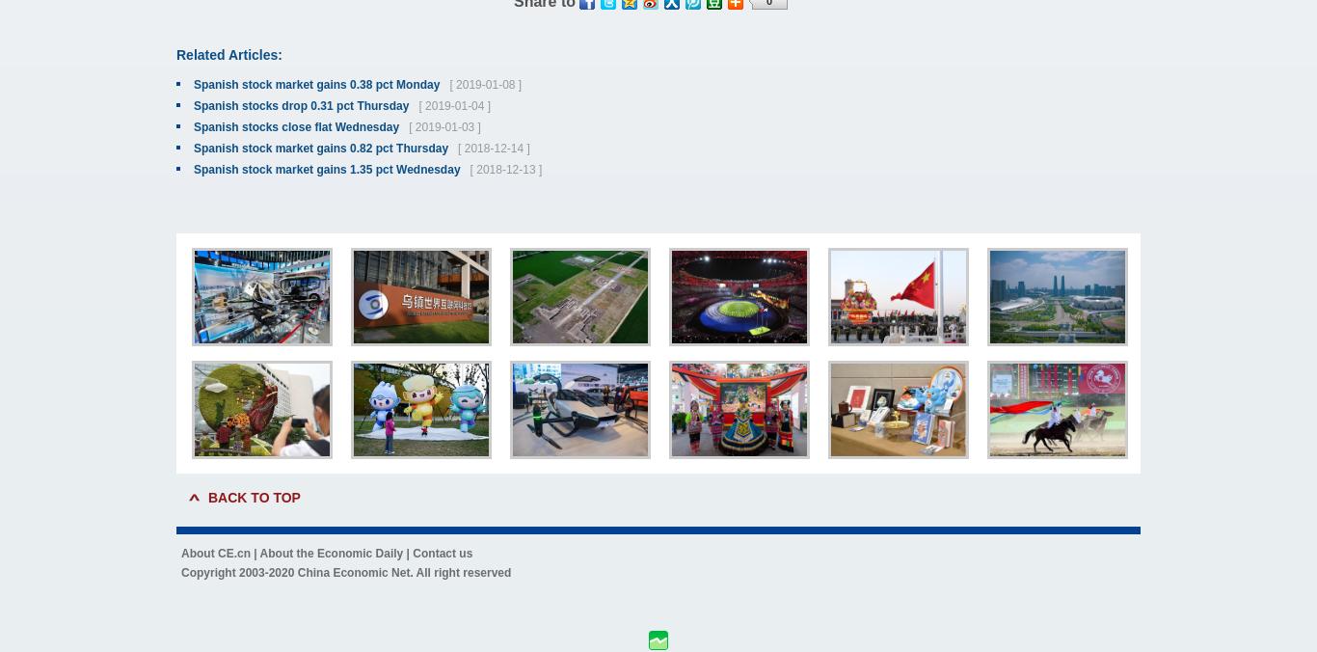 This screenshot has width=1317, height=652. Describe the element at coordinates (344, 573) in the screenshot. I see `'Copyright 2003-2020 China Economic Net. All right reserved'` at that location.